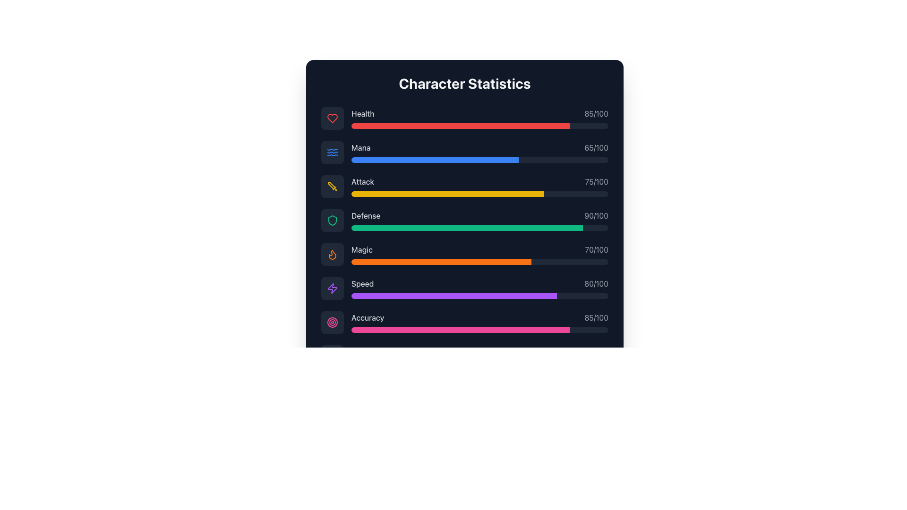  Describe the element at coordinates (596, 249) in the screenshot. I see `the text label displaying the current 'Magic' statistic value of '70/100', which is located under the 'Magic' section, aligned to the right of the progress bar` at that location.